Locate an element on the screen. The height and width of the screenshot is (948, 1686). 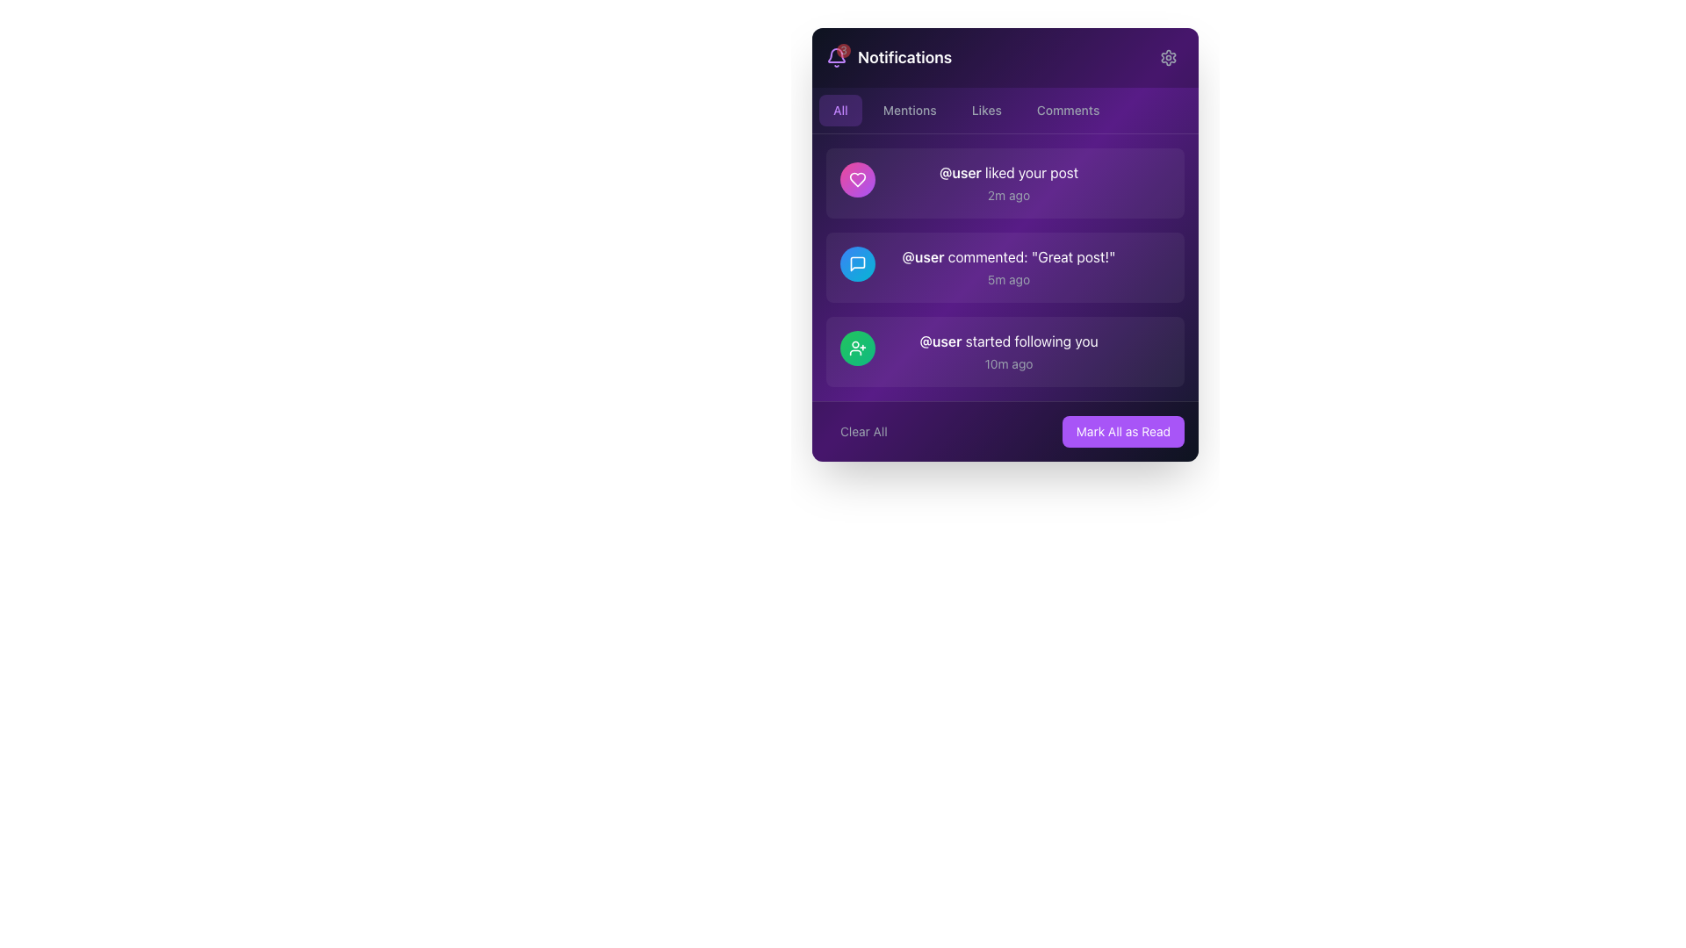
the notification header icon with badge count for accessibility navigation is located at coordinates (889, 56).